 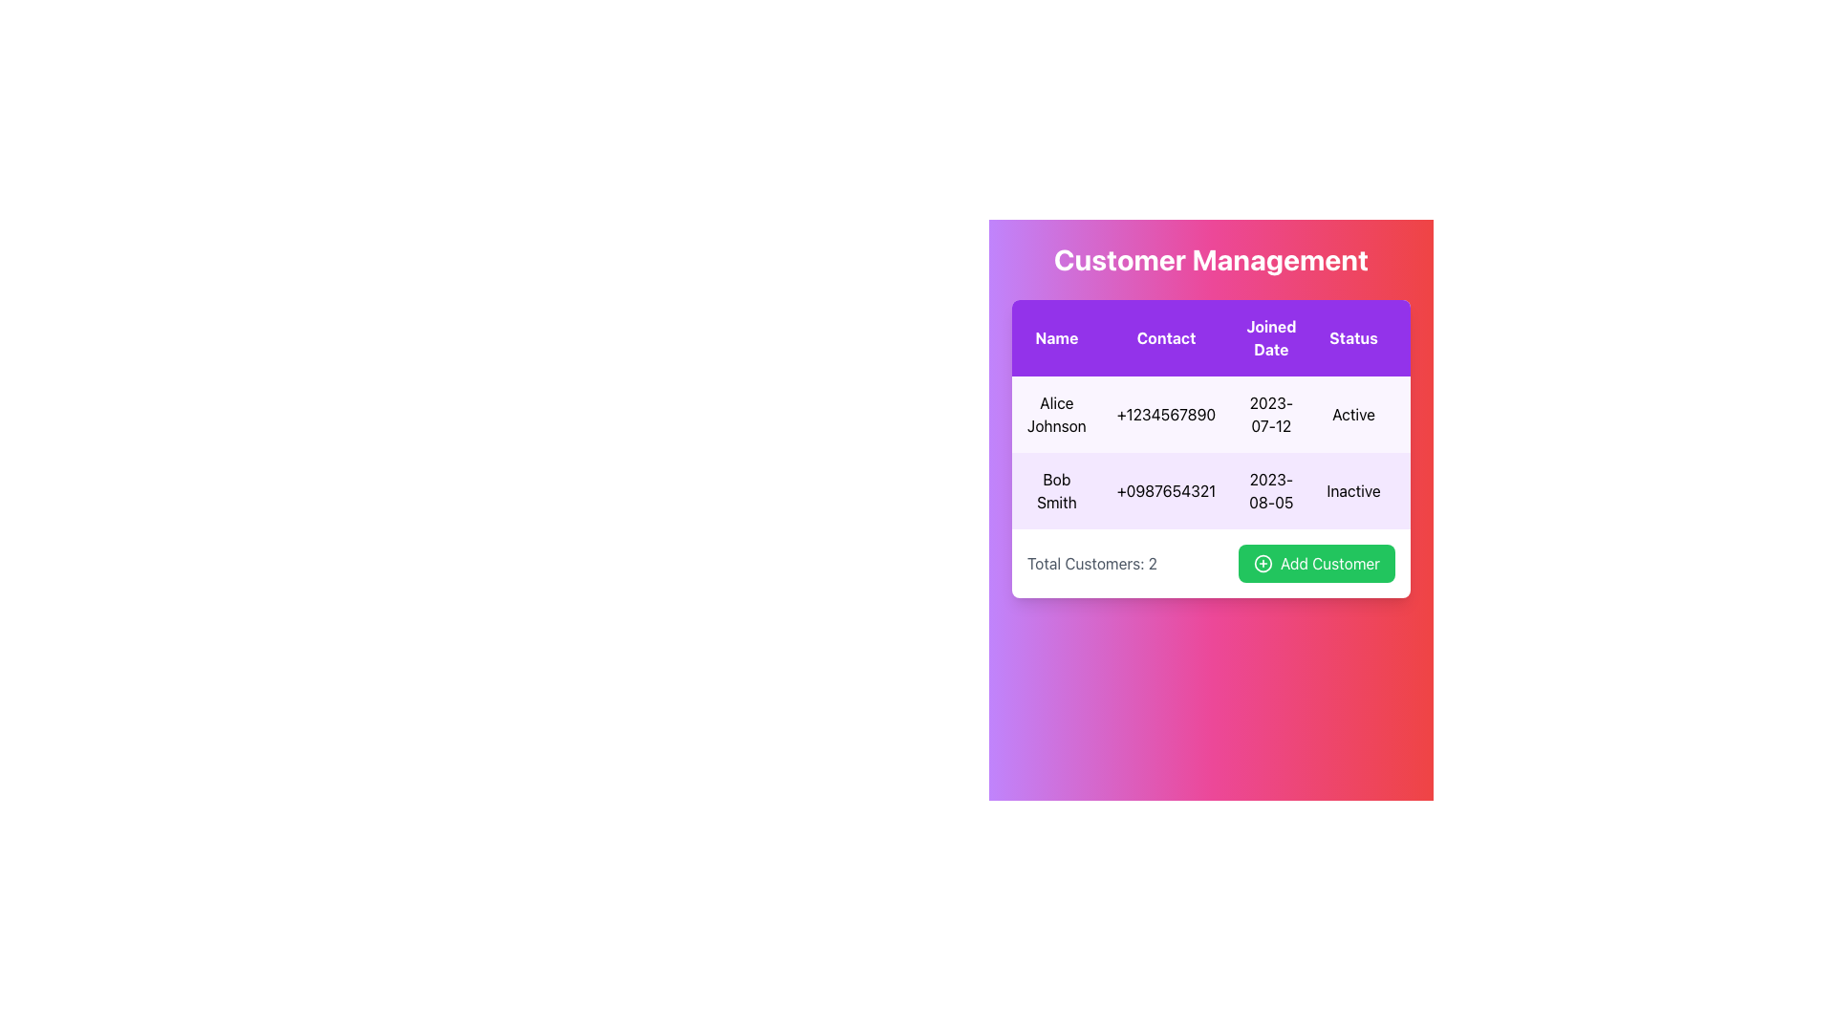 What do you see at coordinates (1055, 337) in the screenshot?
I see `text from the 'Name' column header located at the top-left corner of the table structure` at bounding box center [1055, 337].